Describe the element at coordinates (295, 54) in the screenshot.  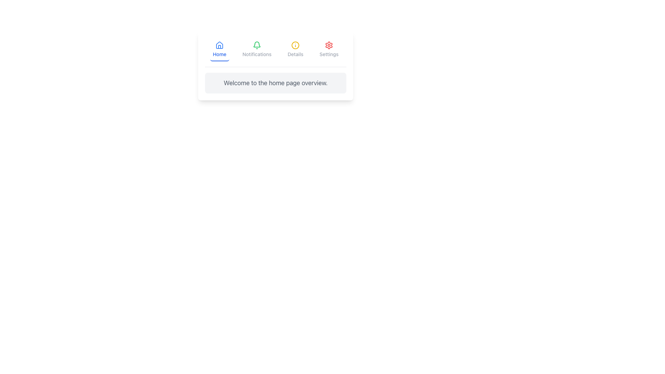
I see `the Text Label that describes the 'Details' functionality, located in the top navigation bar directly below the circular yellow information icon` at that location.